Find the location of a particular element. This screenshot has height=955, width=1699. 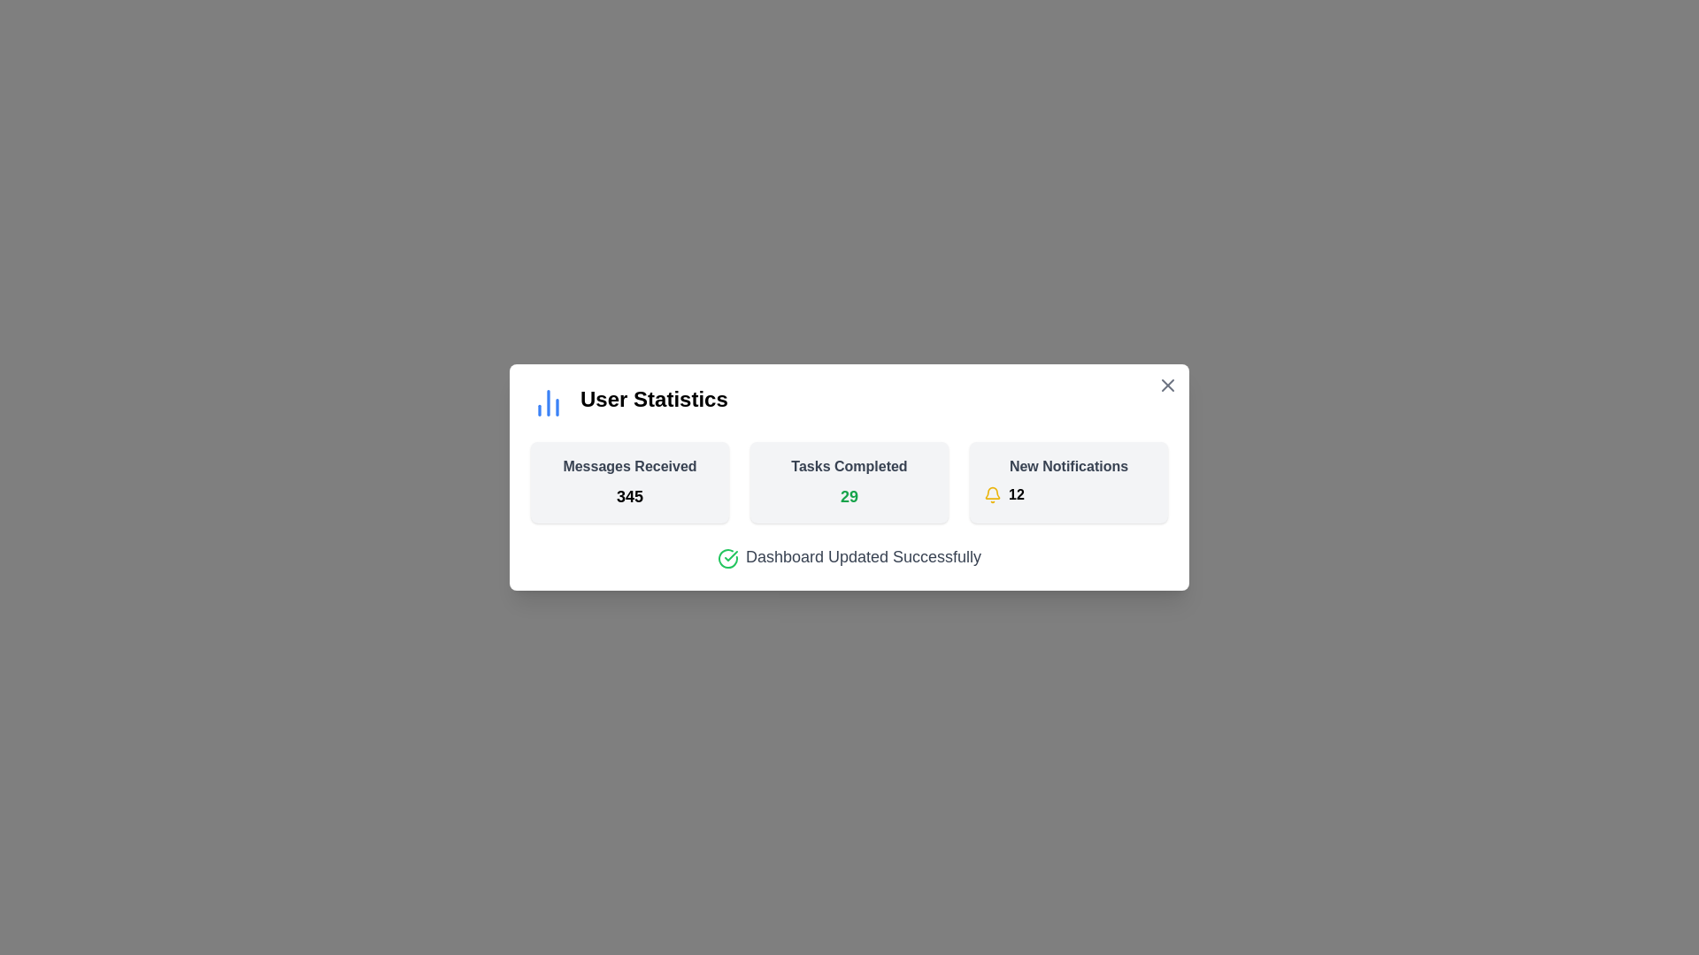

displayed text on the statistics card showing 'Messages Received' with the value '345' in bold gray and black font is located at coordinates (629, 483).